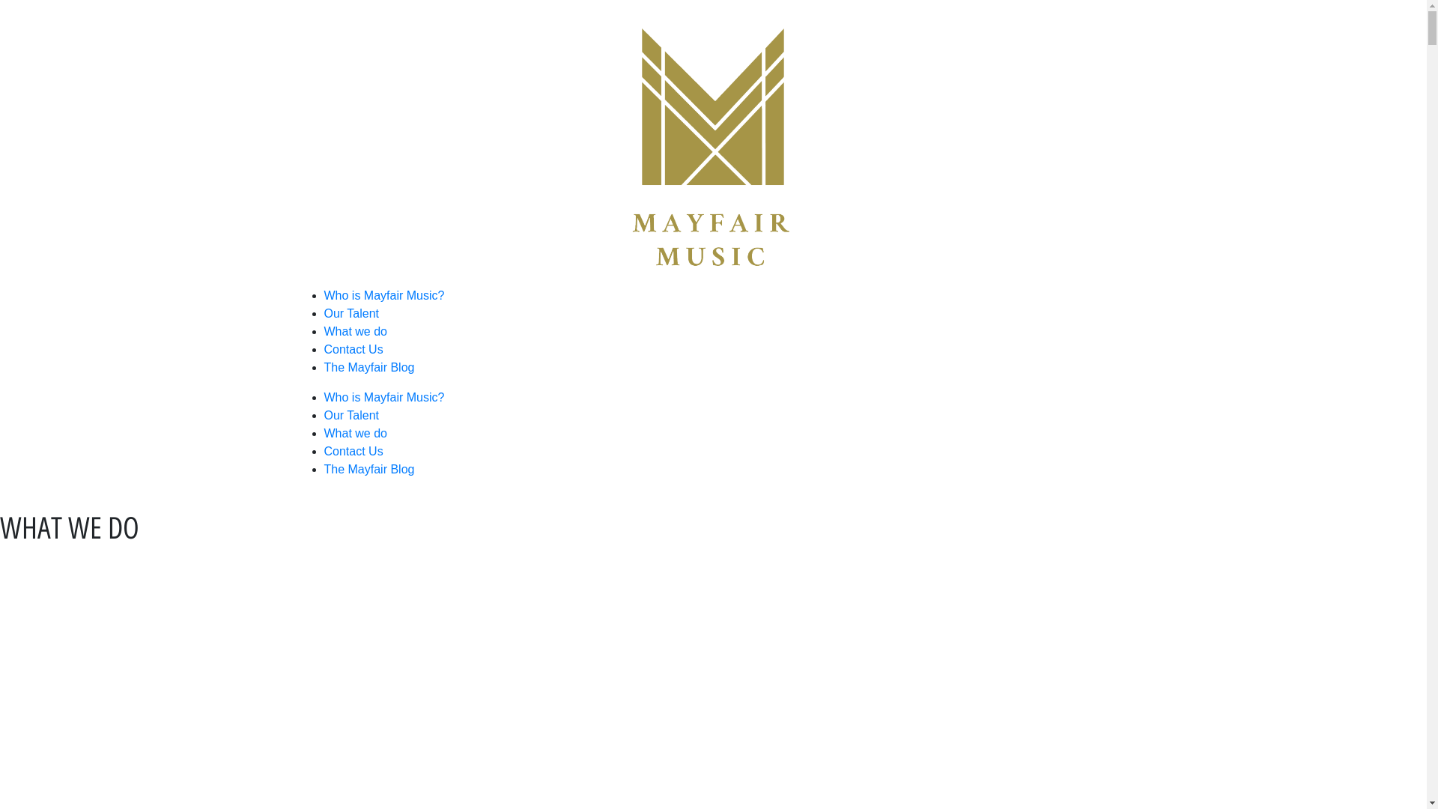  I want to click on 'Contact Us', so click(323, 349).